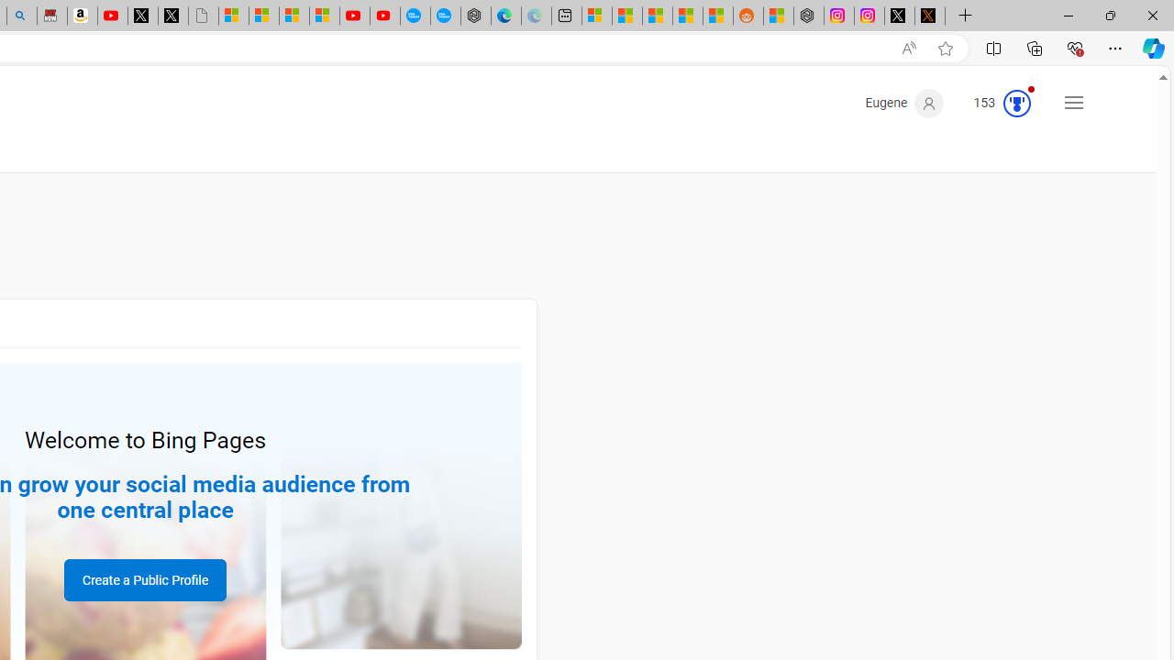  I want to click on 'Shanghai, China hourly forecast | Microsoft Weather', so click(658, 16).